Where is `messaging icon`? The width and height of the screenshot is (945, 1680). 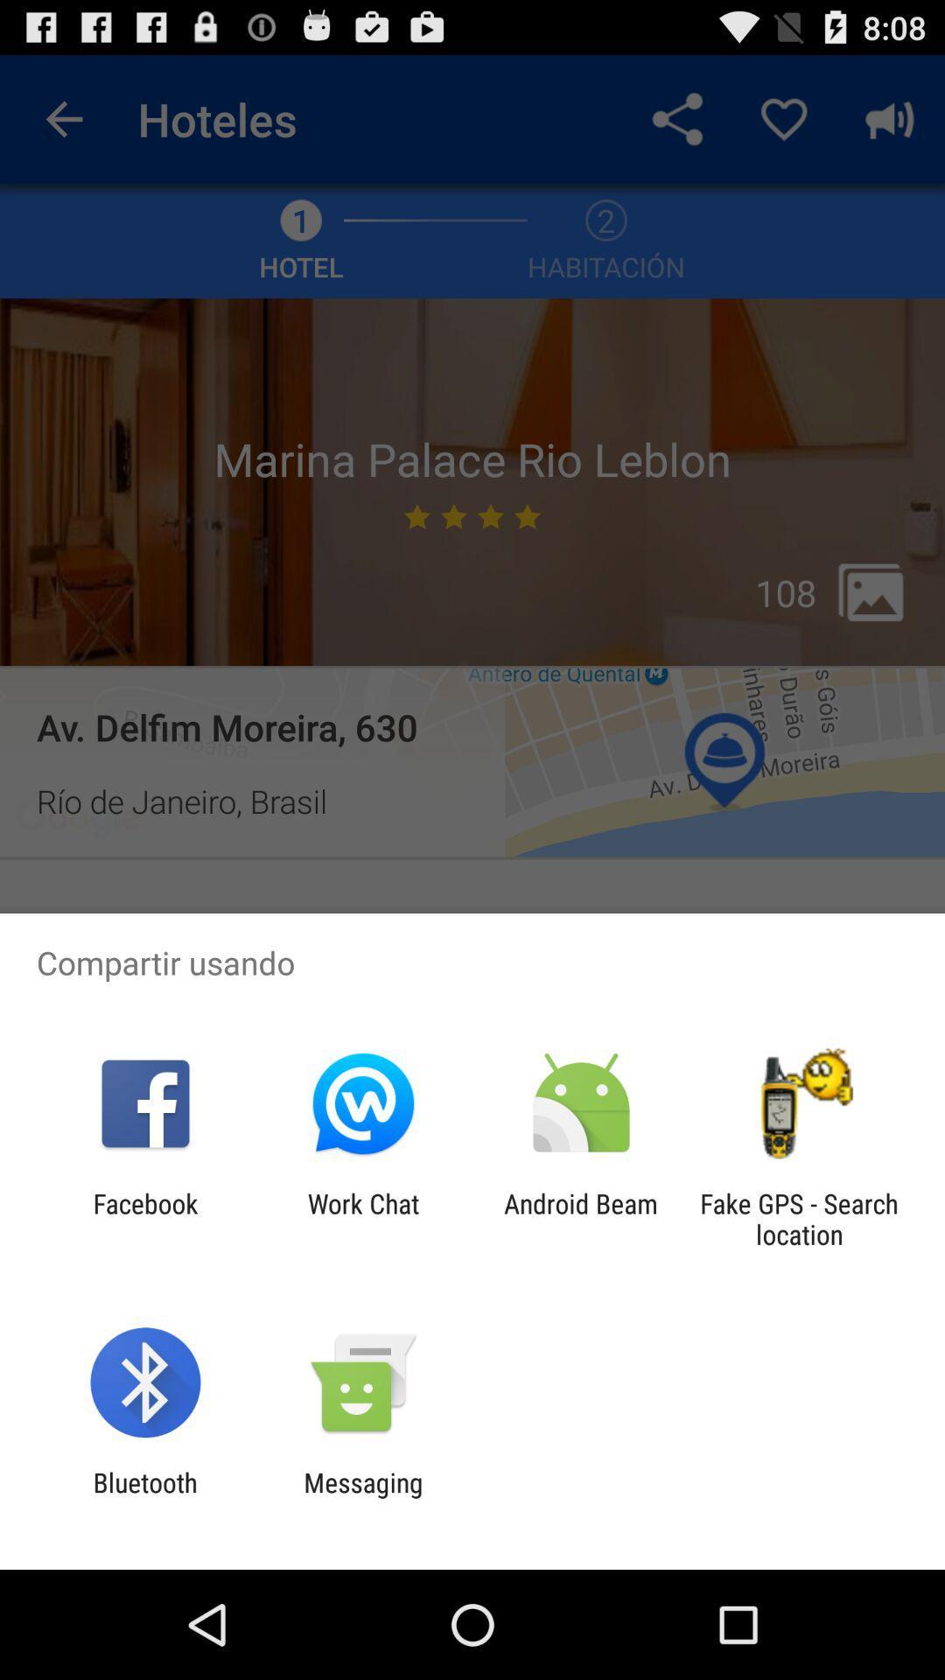
messaging icon is located at coordinates (362, 1497).